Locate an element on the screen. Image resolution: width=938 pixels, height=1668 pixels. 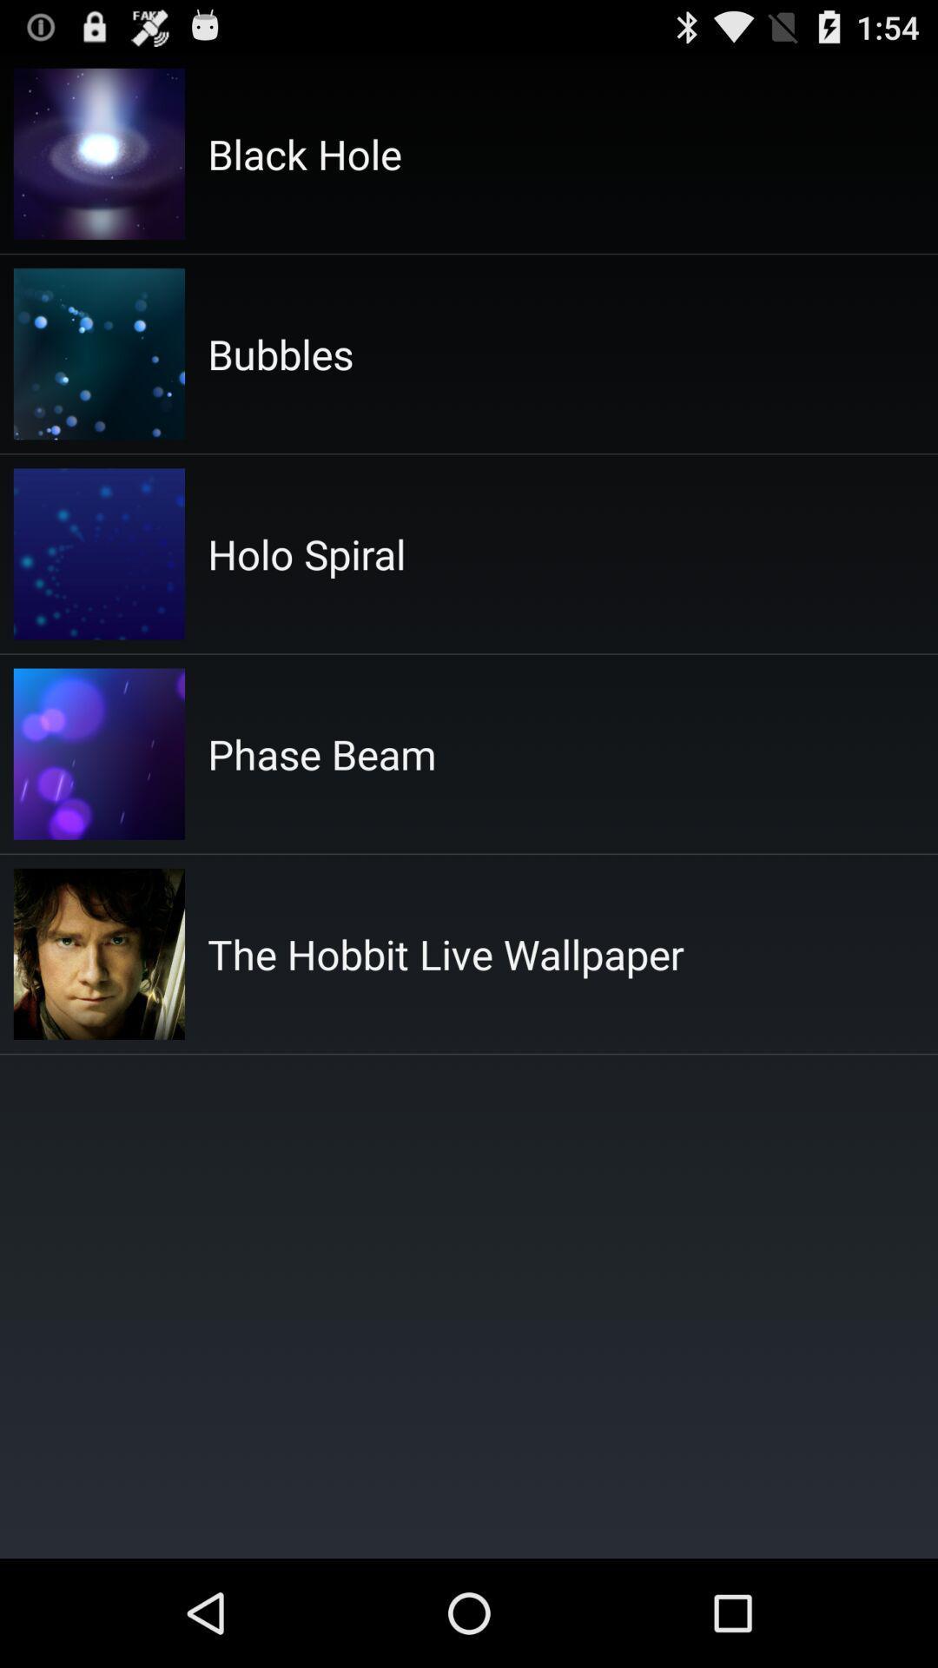
the phase beam icon is located at coordinates (321, 754).